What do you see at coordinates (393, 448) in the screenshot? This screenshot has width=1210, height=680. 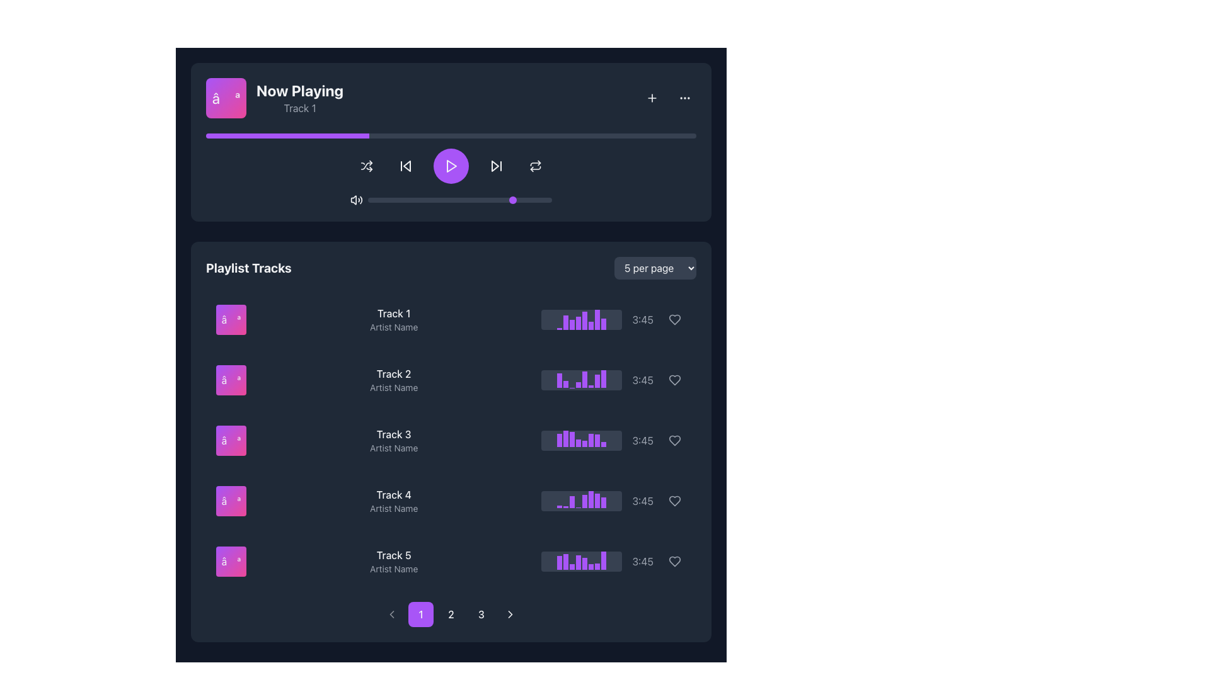 I see `the text element that displays the name of the artist associated with 'Track 3' in the playlist, located directly beneath the title 'Track 3'` at bounding box center [393, 448].